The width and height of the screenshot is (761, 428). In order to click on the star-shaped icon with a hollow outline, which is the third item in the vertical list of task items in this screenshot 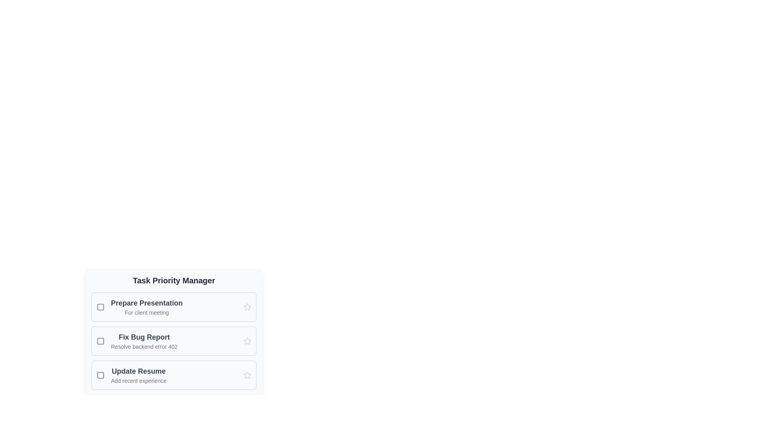, I will do `click(247, 307)`.